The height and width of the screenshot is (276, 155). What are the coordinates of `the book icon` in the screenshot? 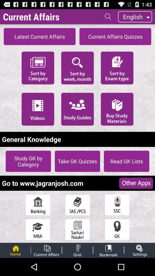 It's located at (77, 219).